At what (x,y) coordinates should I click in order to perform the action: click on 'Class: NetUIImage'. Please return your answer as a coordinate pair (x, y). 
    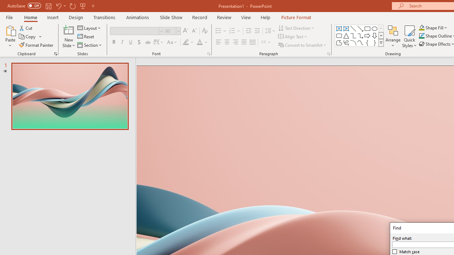
    Looking at the image, I should click on (381, 42).